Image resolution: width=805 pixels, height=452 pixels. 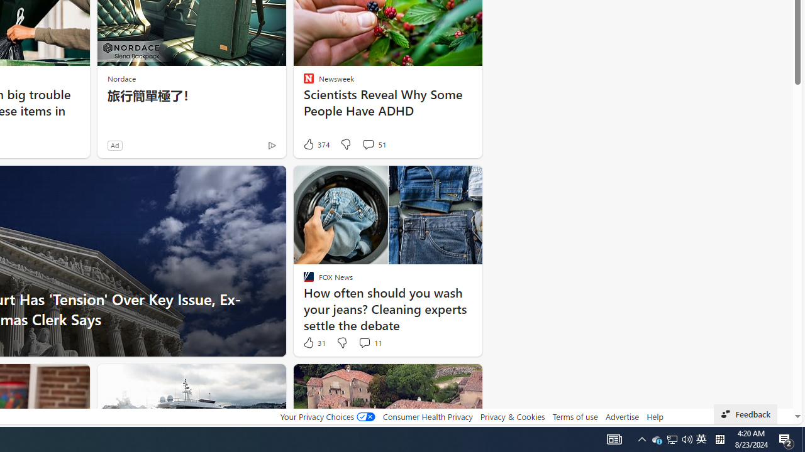 I want to click on 'Terms of use', so click(x=574, y=416).